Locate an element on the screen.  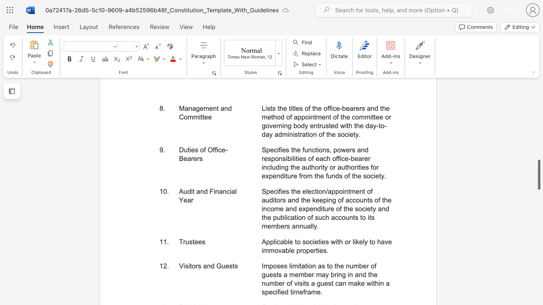
the subset text "imeframe." within the text "Imposes limitation as to the number of guests a member may bring in and the number of visits a guest can make within a specified timeframe." is located at coordinates (292, 291).